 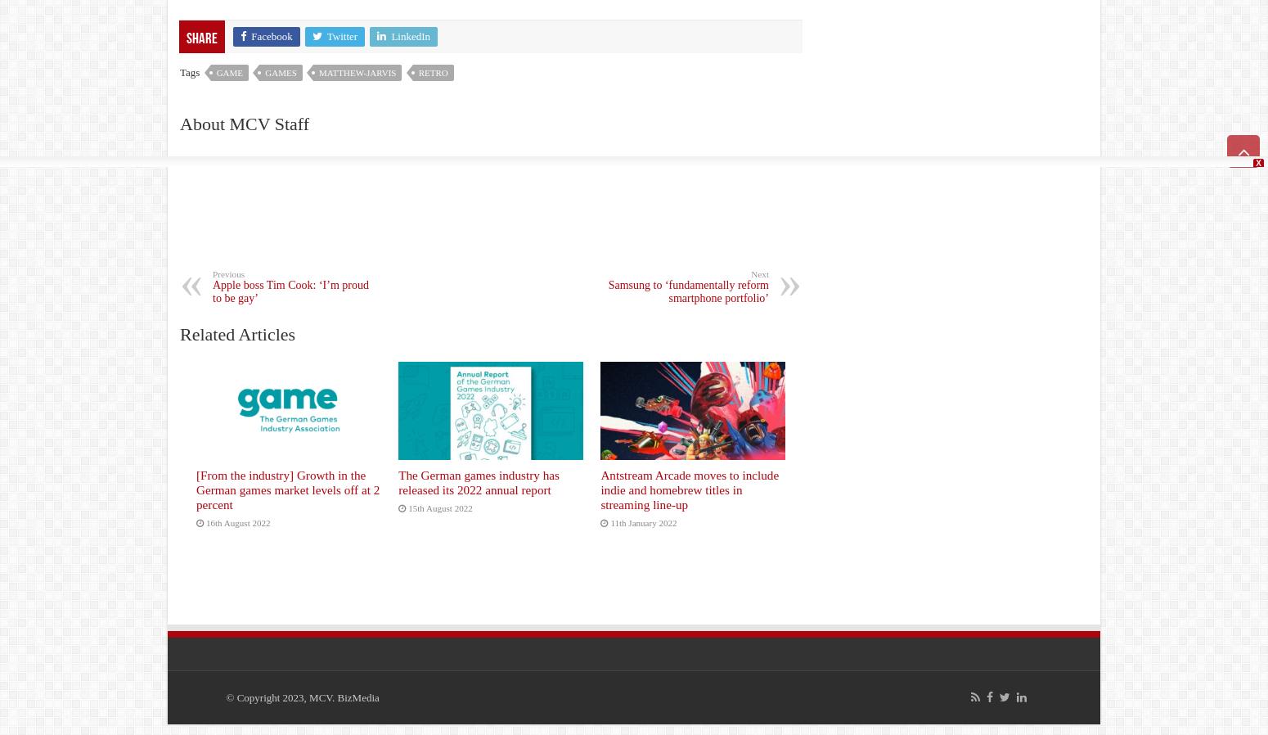 What do you see at coordinates (186, 38) in the screenshot?
I see `'Share'` at bounding box center [186, 38].